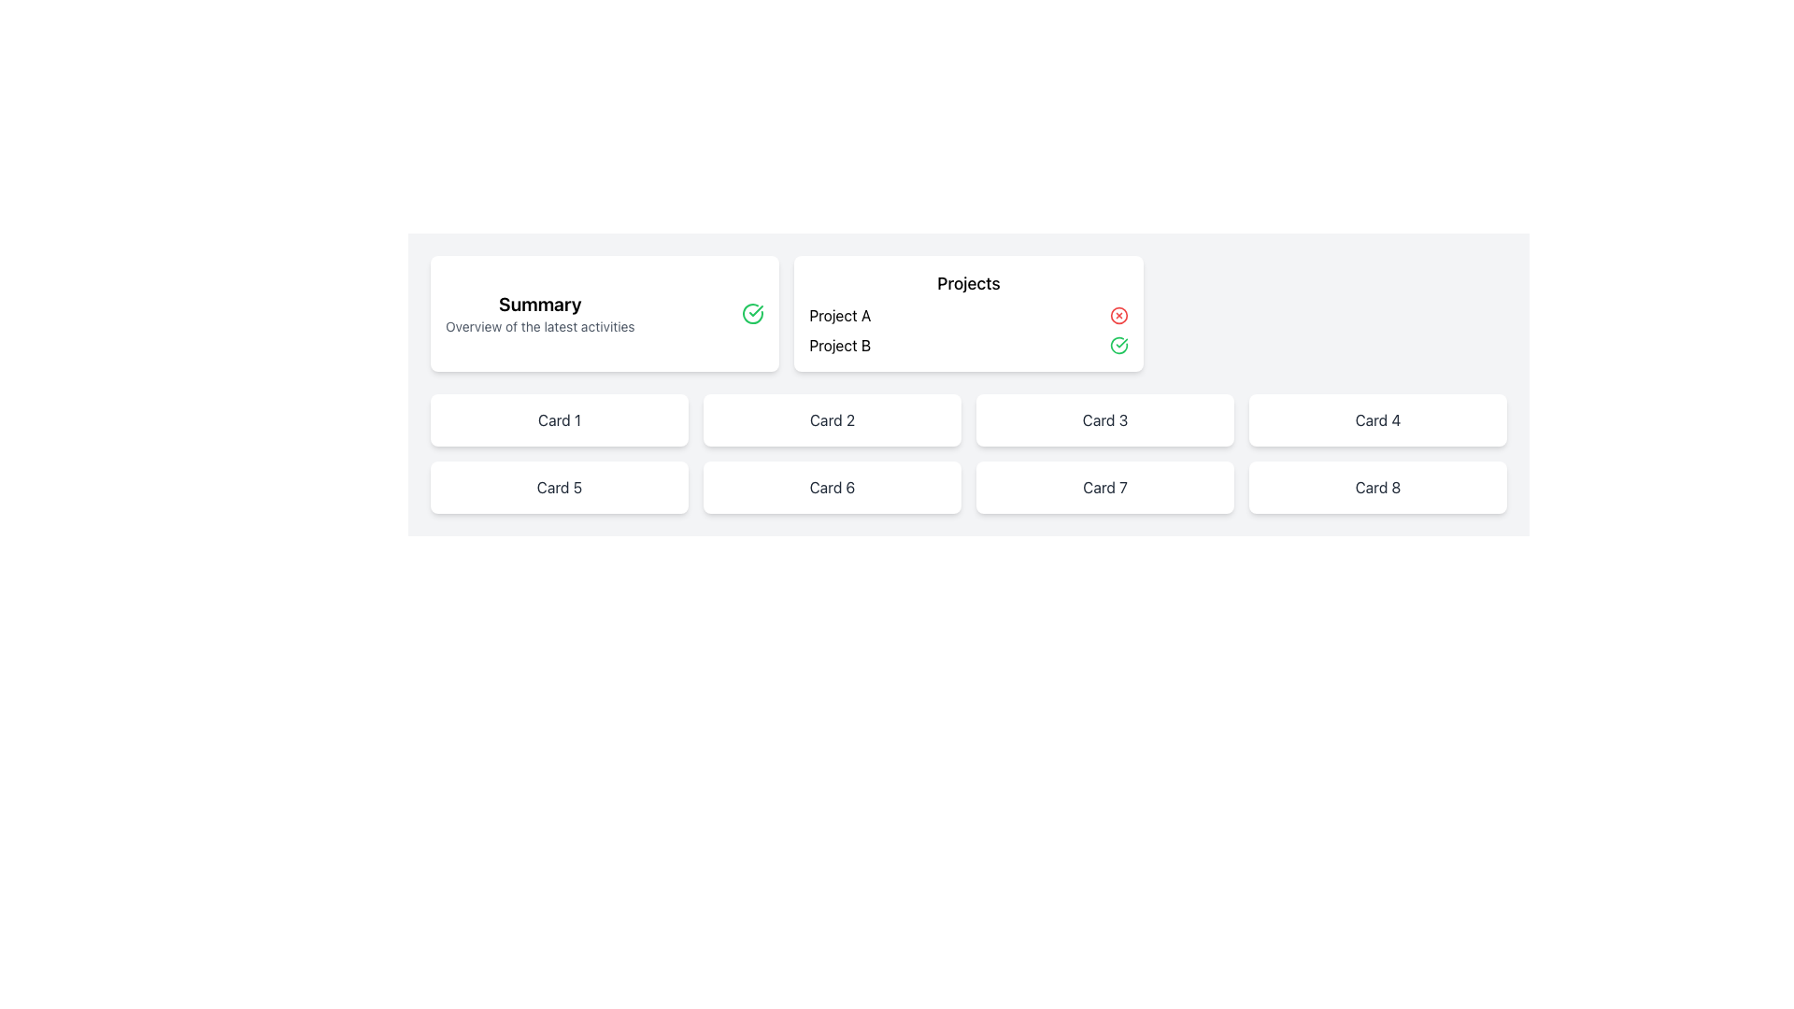 The width and height of the screenshot is (1794, 1009). What do you see at coordinates (605, 312) in the screenshot?
I see `the summary card that presents an overview of recent activities, located in the first column of the grid layout at the top row, leftmost position` at bounding box center [605, 312].